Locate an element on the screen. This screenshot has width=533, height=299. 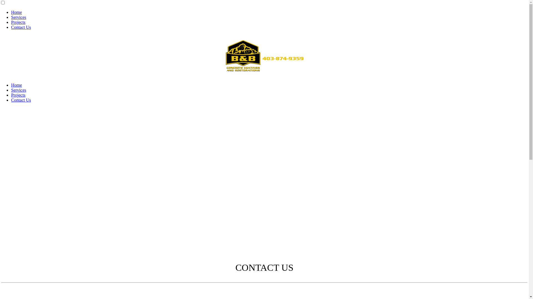
'Services' is located at coordinates (11, 17).